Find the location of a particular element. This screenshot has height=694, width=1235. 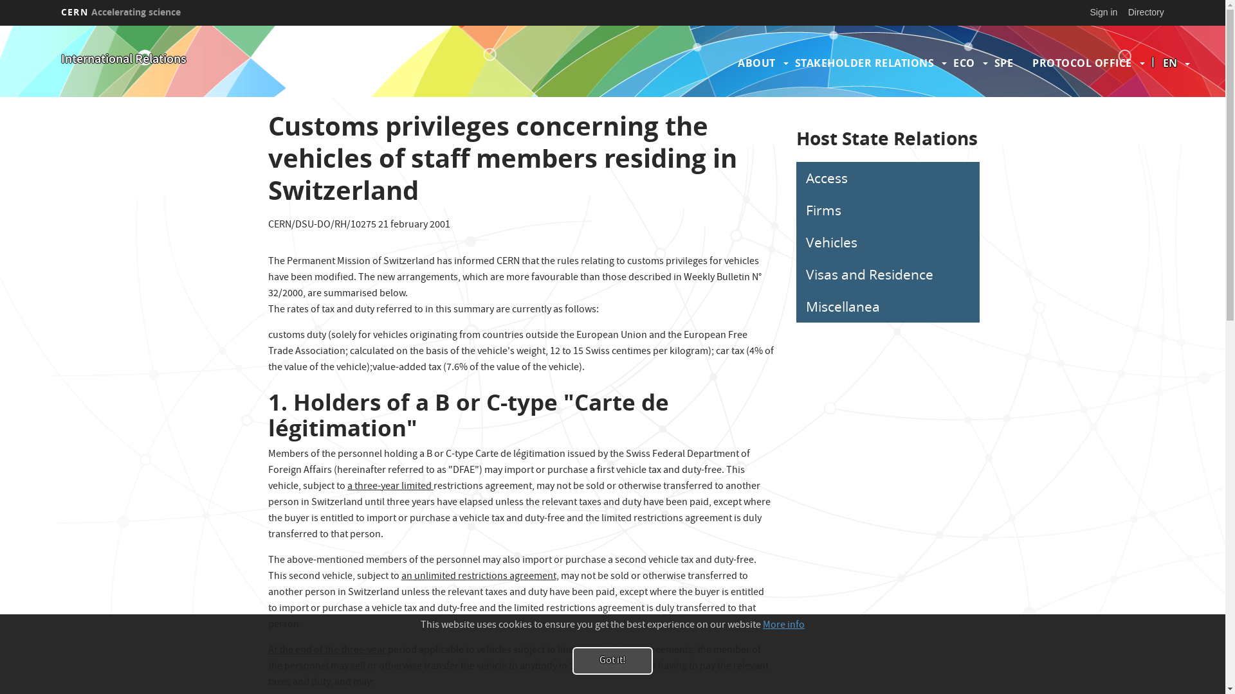

'Firms' is located at coordinates (887, 209).